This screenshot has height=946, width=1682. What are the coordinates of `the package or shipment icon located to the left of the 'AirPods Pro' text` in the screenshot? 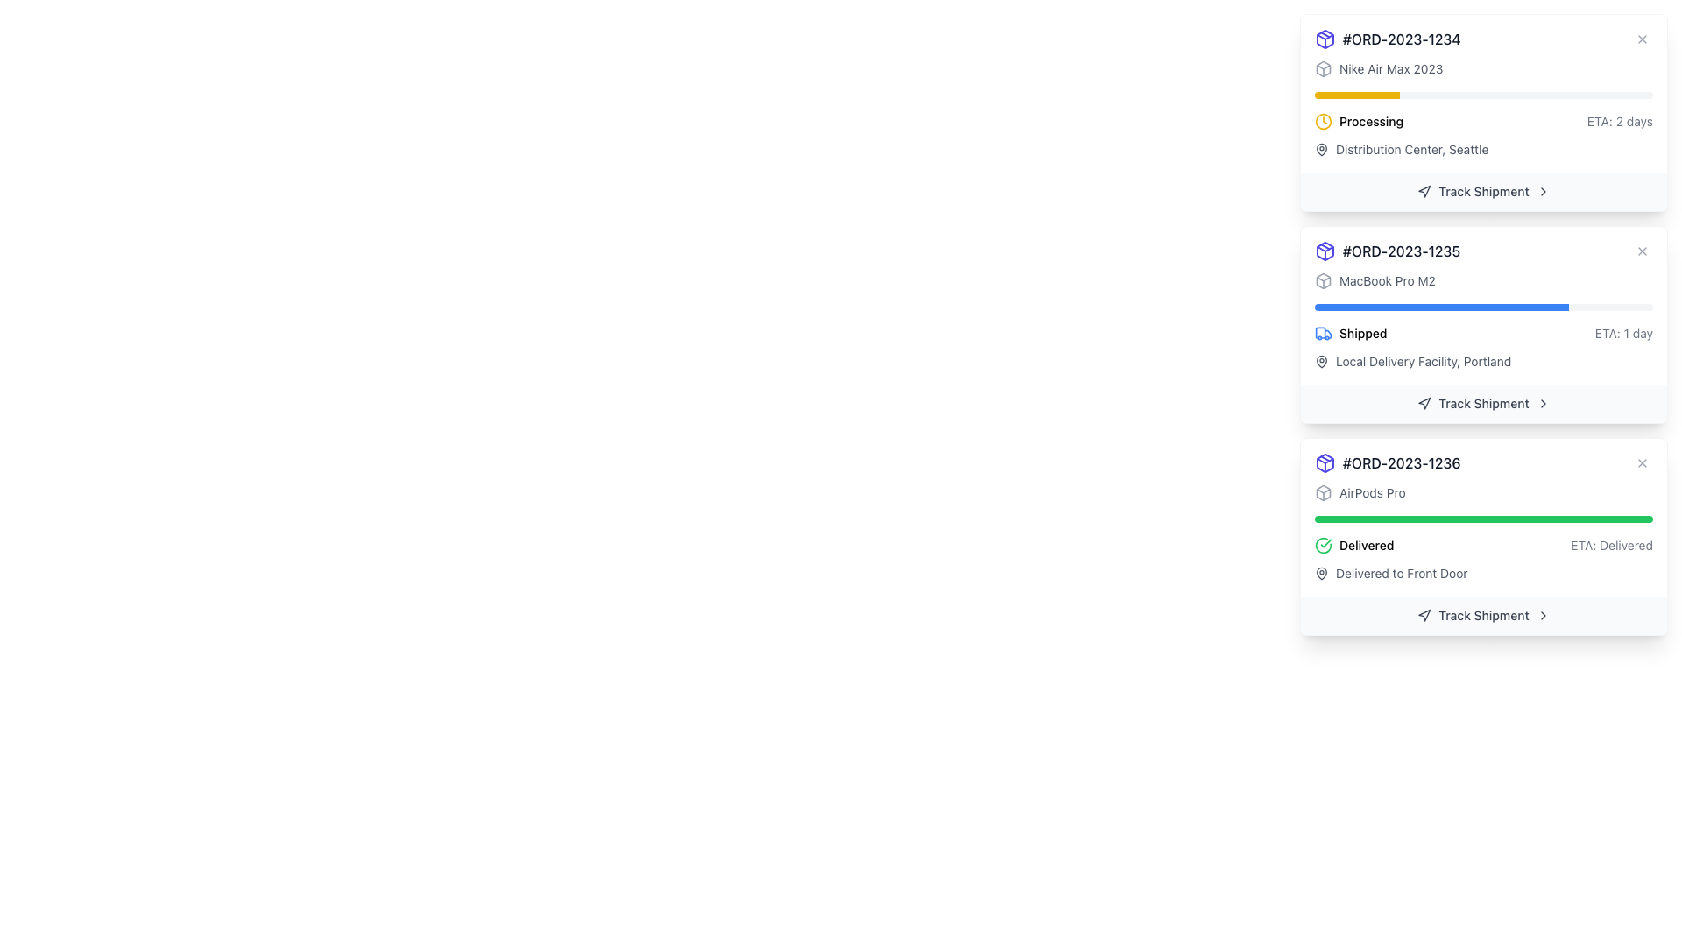 It's located at (1324, 493).